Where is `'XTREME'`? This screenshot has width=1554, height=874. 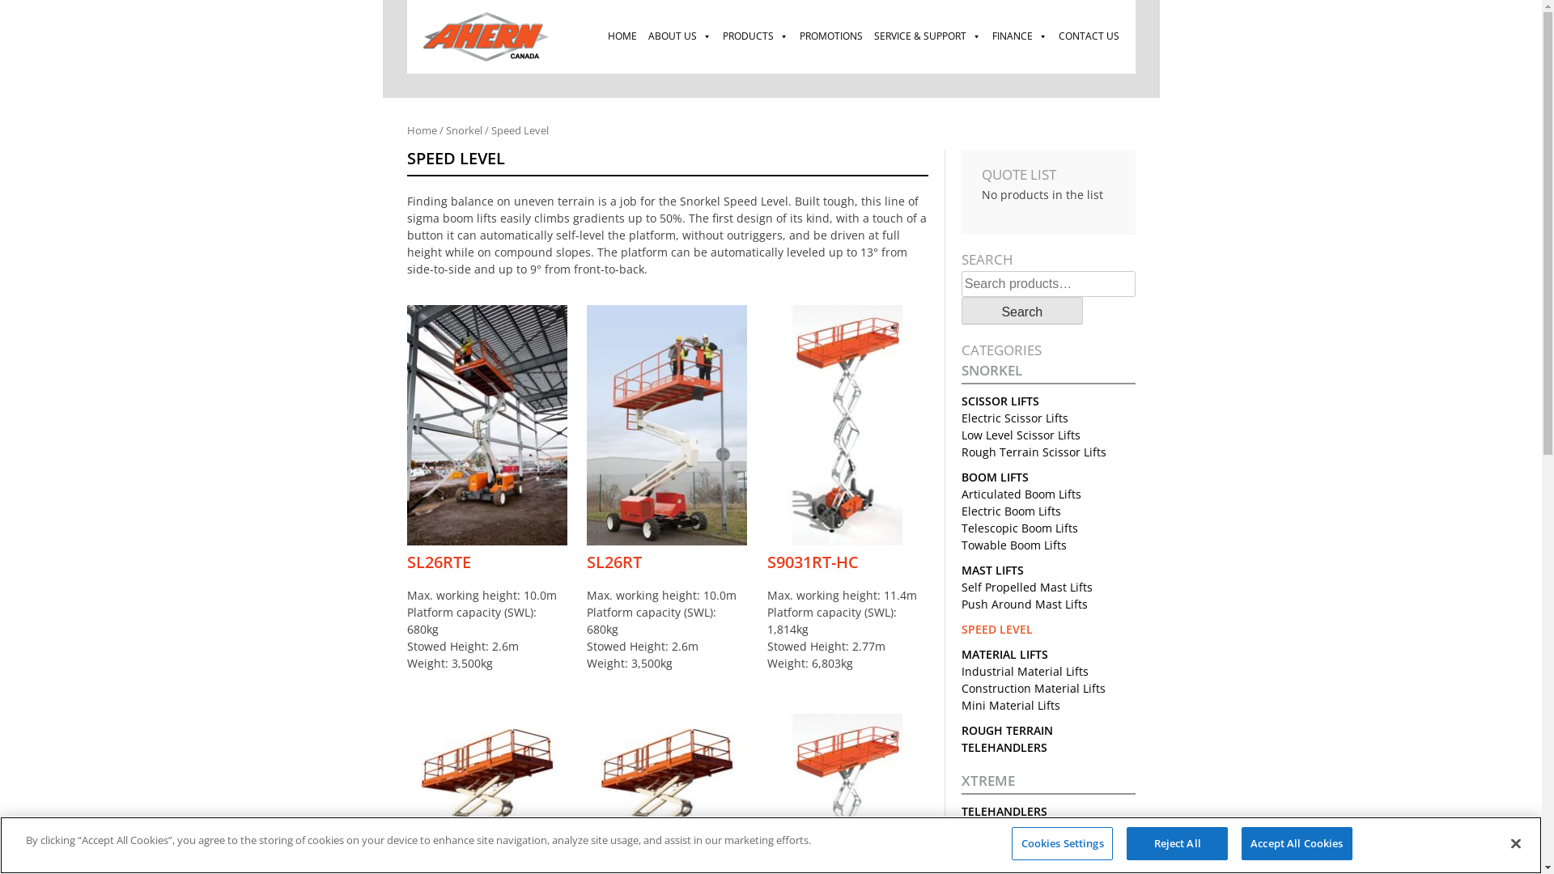
'XTREME' is located at coordinates (1048, 783).